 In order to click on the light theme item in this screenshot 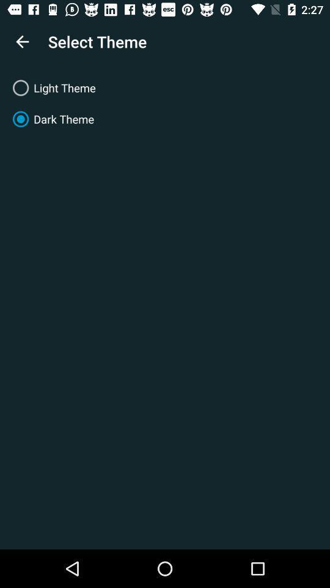, I will do `click(165, 87)`.